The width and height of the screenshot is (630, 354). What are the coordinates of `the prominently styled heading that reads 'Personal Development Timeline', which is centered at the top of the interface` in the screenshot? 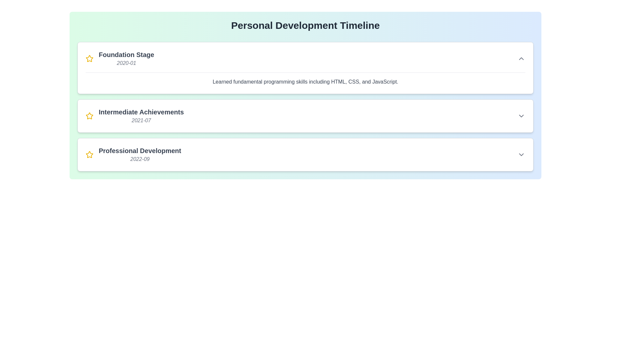 It's located at (305, 25).